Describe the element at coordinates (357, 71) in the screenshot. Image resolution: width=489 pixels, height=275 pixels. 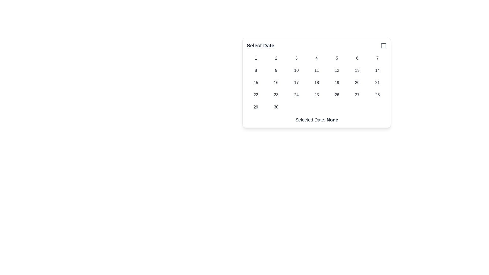
I see `the rounded rectangular button displaying the text '13'` at that location.